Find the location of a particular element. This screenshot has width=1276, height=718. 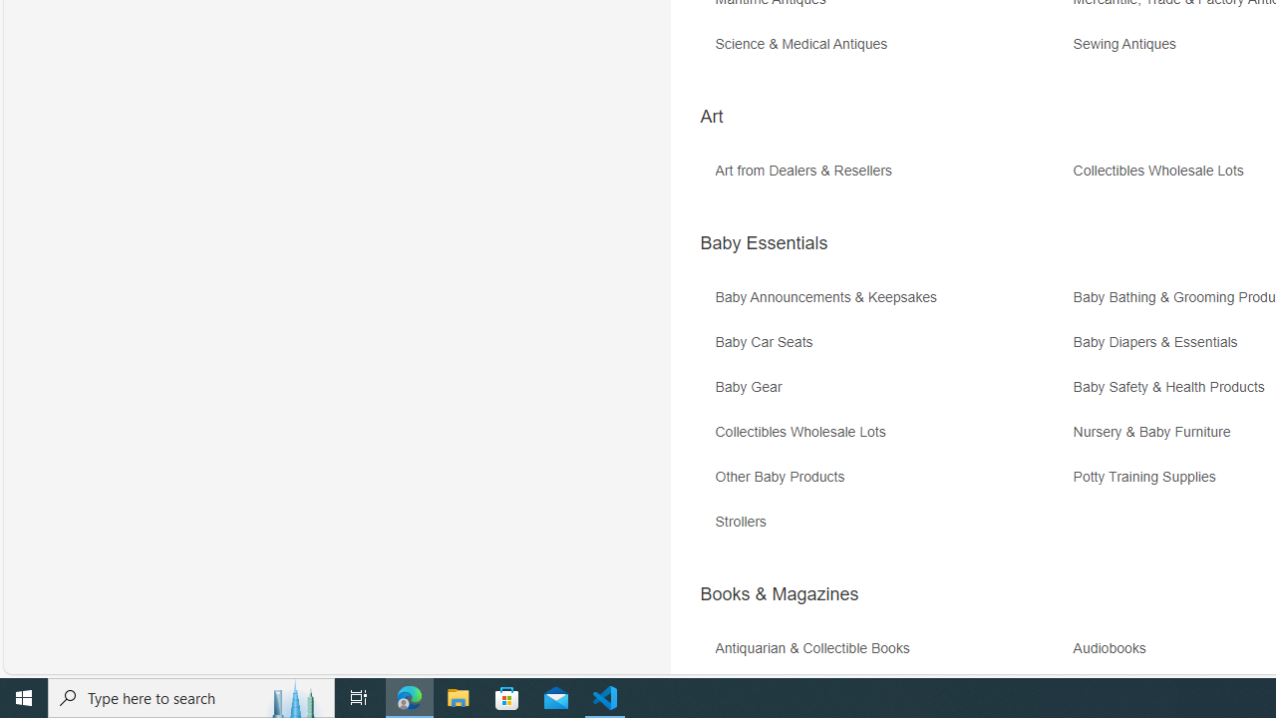

'Baby Gear' is located at coordinates (890, 394).